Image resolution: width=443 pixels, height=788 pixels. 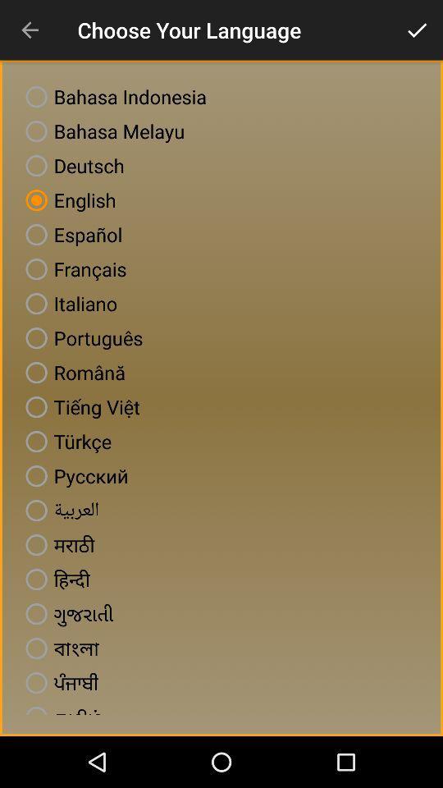 I want to click on icon to the left of the choose your language icon, so click(x=30, y=29).